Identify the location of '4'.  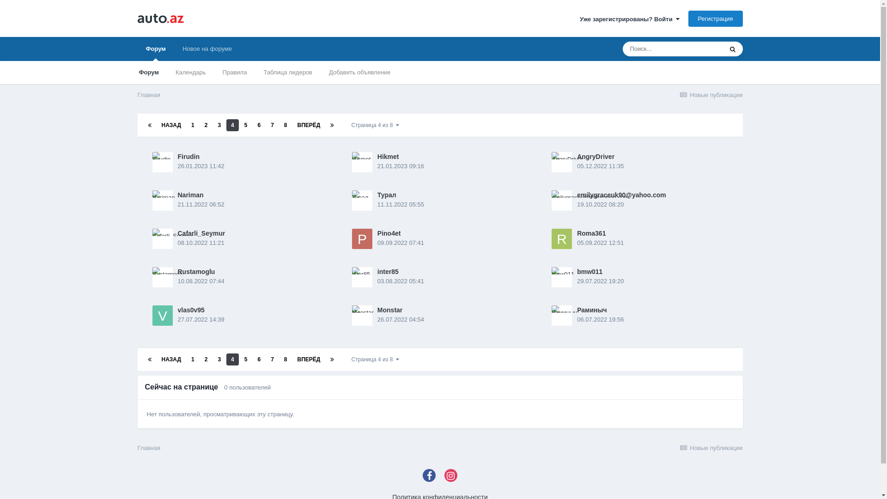
(232, 125).